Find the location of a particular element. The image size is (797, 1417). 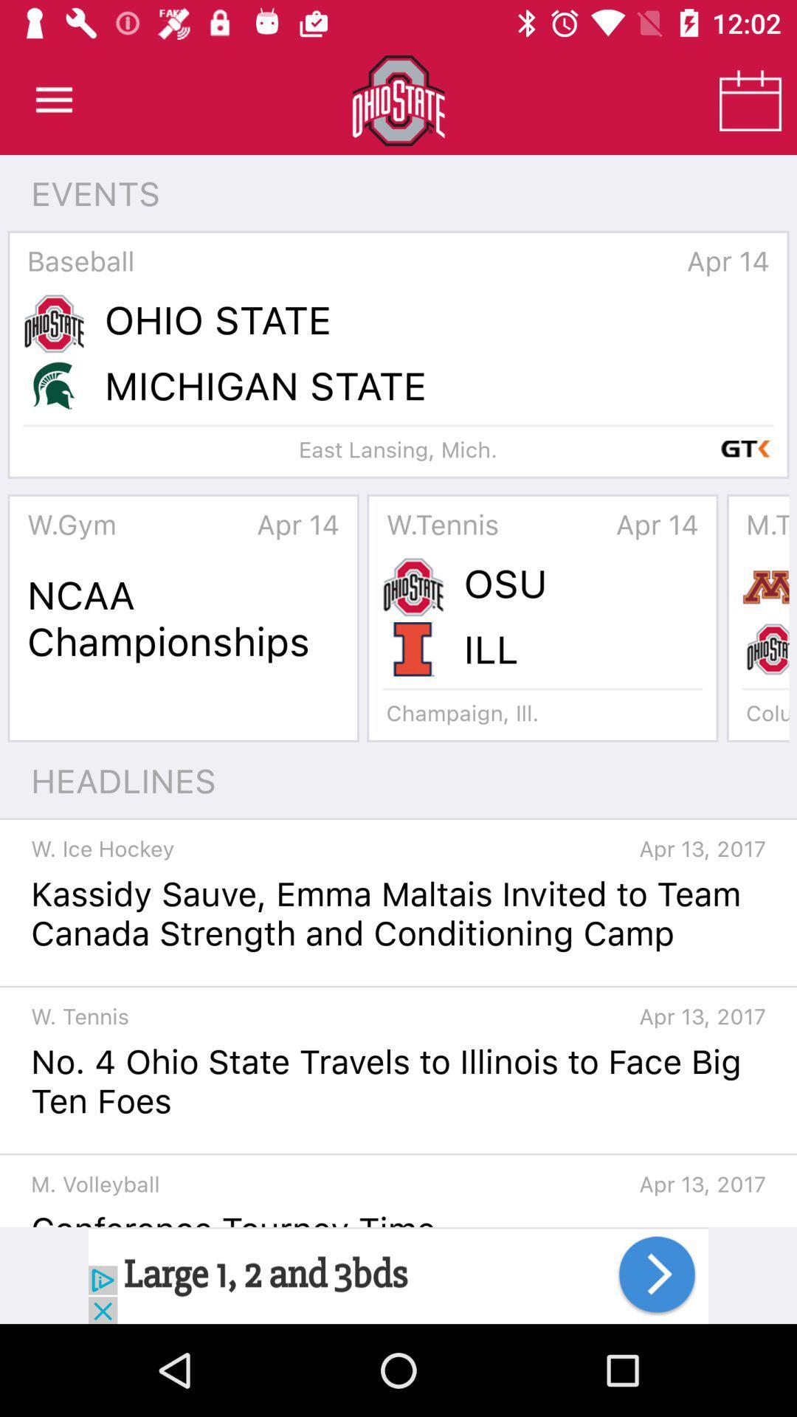

advertisement banner is located at coordinates (398, 1275).